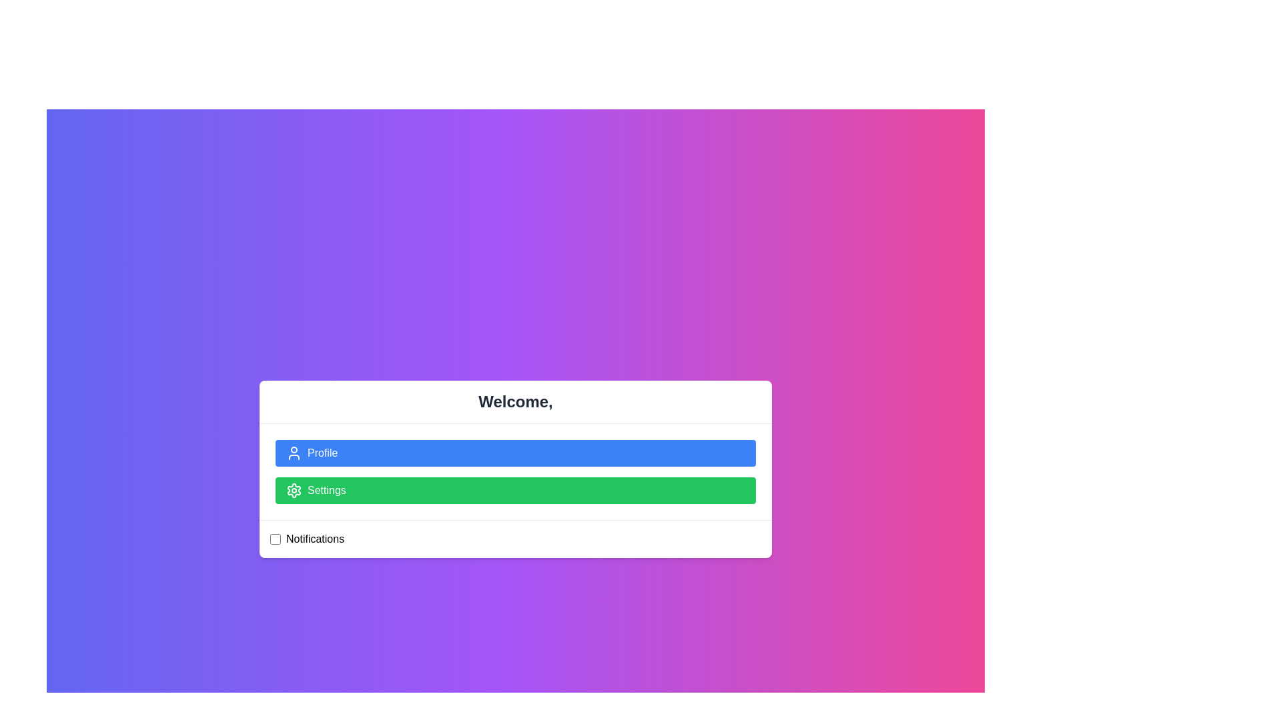 The image size is (1281, 720). Describe the element at coordinates (514, 491) in the screenshot. I see `the second button in the vertically stacked layout` at that location.